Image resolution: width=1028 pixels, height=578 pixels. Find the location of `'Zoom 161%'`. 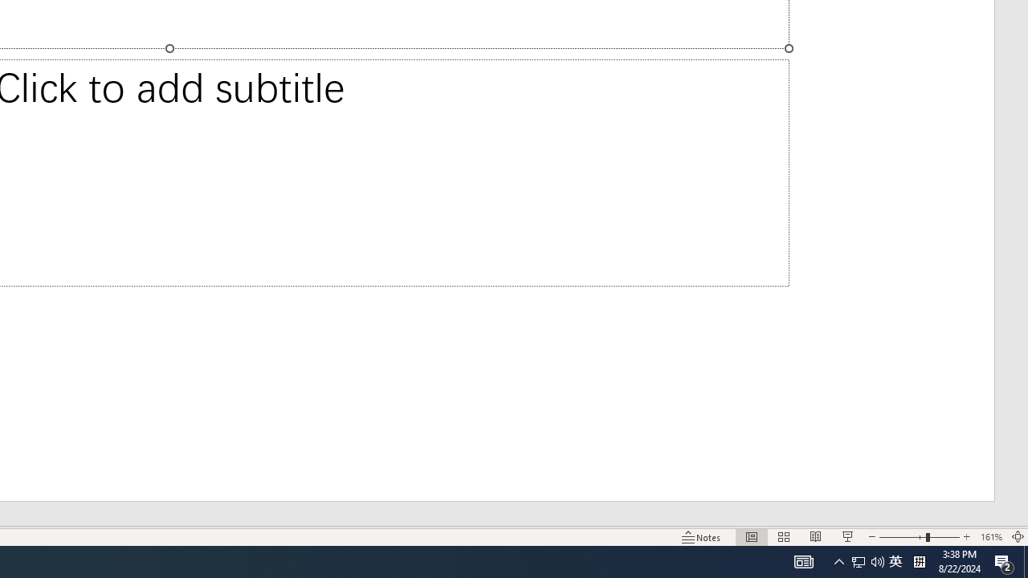

'Zoom 161%' is located at coordinates (990, 537).